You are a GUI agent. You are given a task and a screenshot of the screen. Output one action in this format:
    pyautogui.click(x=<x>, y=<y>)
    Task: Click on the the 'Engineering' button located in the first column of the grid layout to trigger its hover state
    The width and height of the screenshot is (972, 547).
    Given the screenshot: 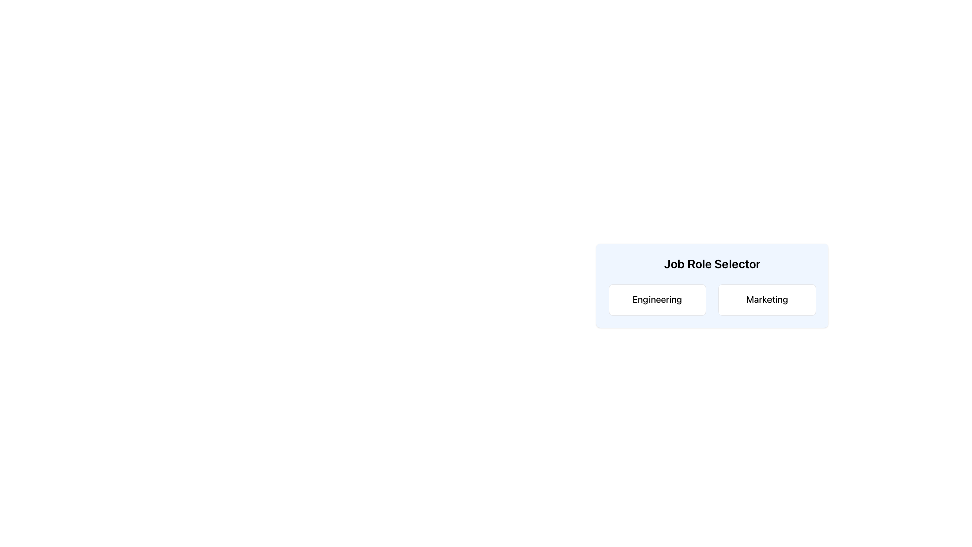 What is the action you would take?
    pyautogui.click(x=657, y=299)
    